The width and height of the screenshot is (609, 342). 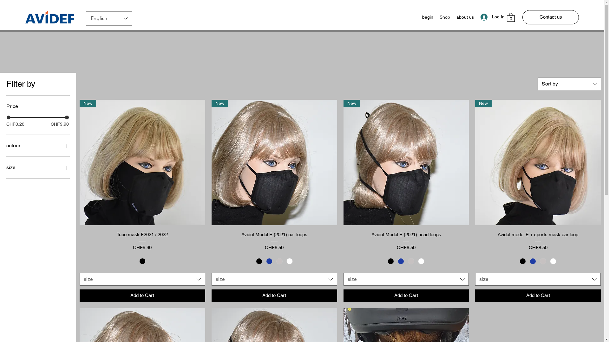 I want to click on 'Shop', so click(x=436, y=17).